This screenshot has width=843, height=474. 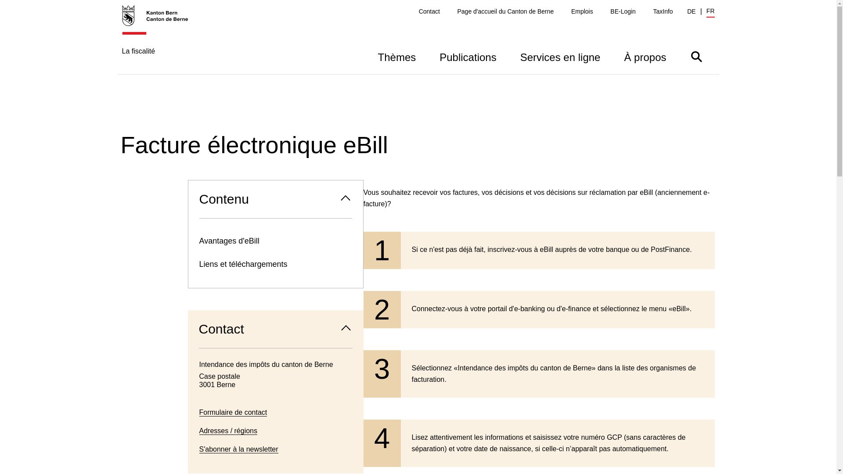 I want to click on 'Publications', so click(x=467, y=56).